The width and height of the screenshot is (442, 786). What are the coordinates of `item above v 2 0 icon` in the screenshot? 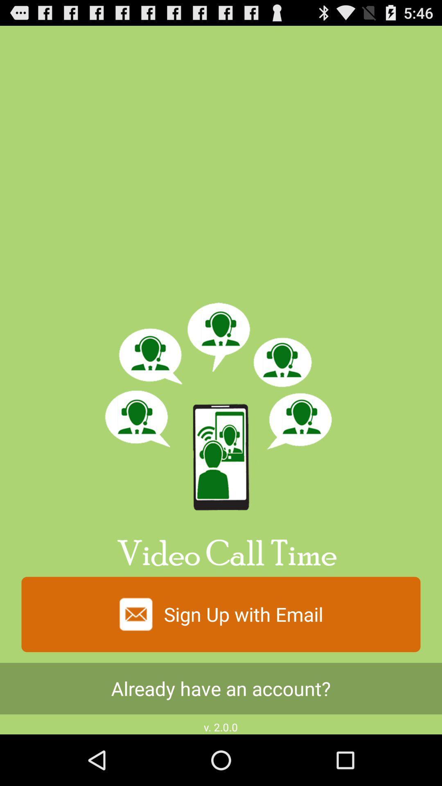 It's located at (221, 688).